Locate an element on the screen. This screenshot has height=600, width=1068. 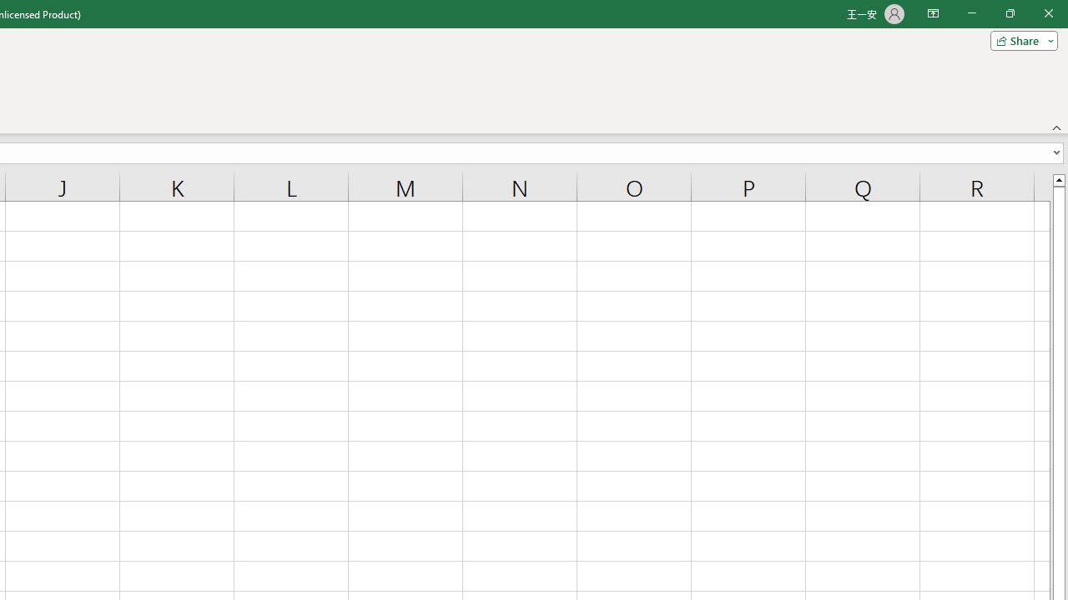
'Ribbon Display Options' is located at coordinates (932, 13).